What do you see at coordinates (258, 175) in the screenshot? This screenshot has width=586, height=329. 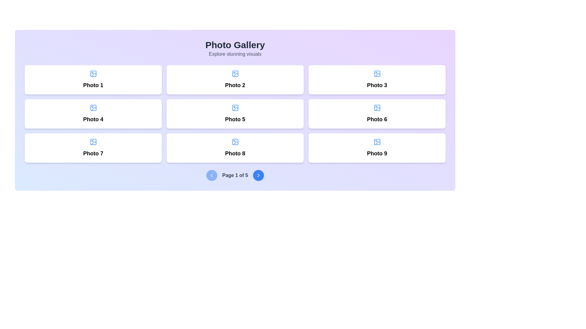 I see `the rightward pointing arrow icon in the bottom pagination bar` at bounding box center [258, 175].